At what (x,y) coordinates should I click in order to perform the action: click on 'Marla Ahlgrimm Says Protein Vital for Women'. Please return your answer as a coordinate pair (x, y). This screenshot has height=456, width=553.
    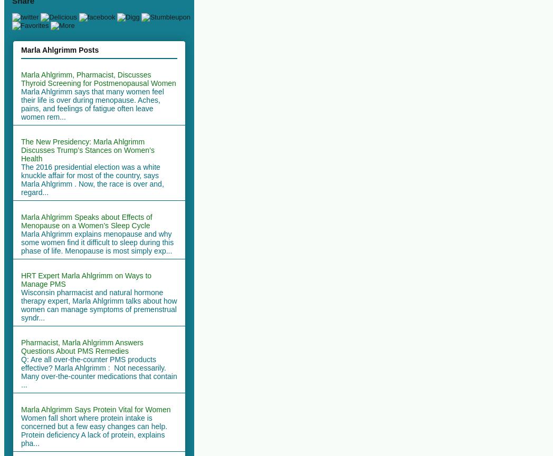
    Looking at the image, I should click on (95, 408).